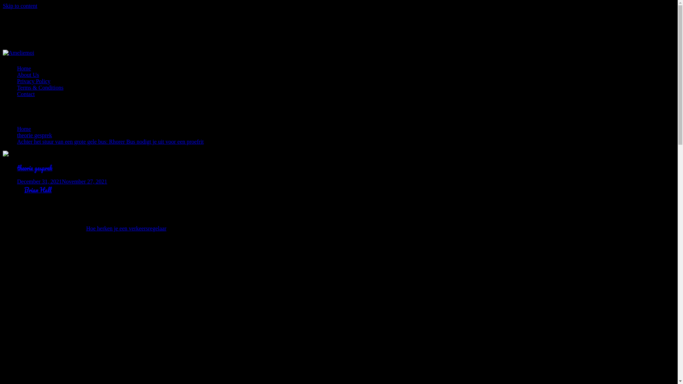  What do you see at coordinates (24, 129) in the screenshot?
I see `'Home'` at bounding box center [24, 129].